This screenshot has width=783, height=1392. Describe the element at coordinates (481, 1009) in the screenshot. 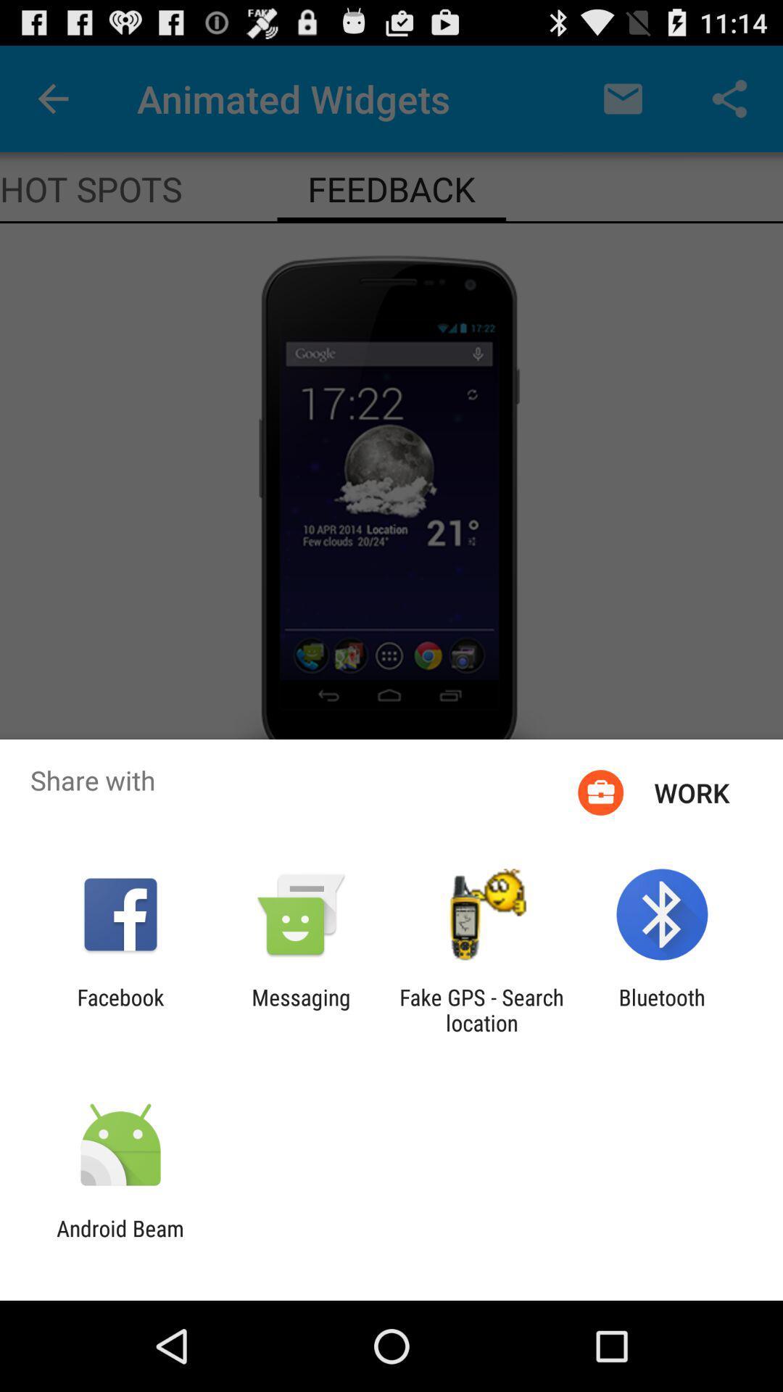

I see `item next to messaging icon` at that location.